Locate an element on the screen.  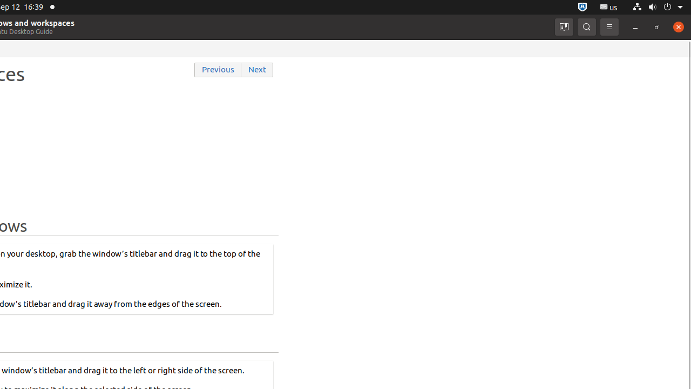
'Restore' is located at coordinates (656, 26).